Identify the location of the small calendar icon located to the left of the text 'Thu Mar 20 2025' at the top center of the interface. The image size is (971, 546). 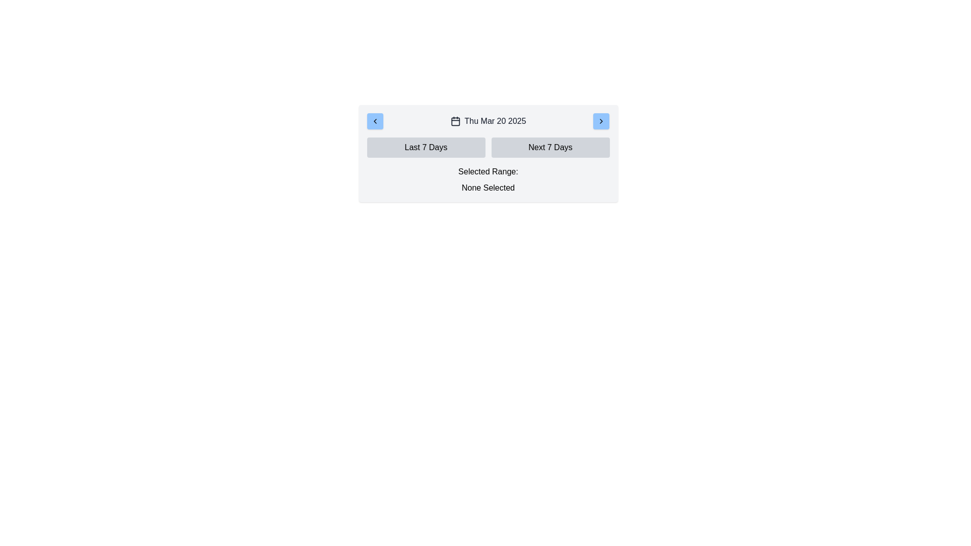
(455, 120).